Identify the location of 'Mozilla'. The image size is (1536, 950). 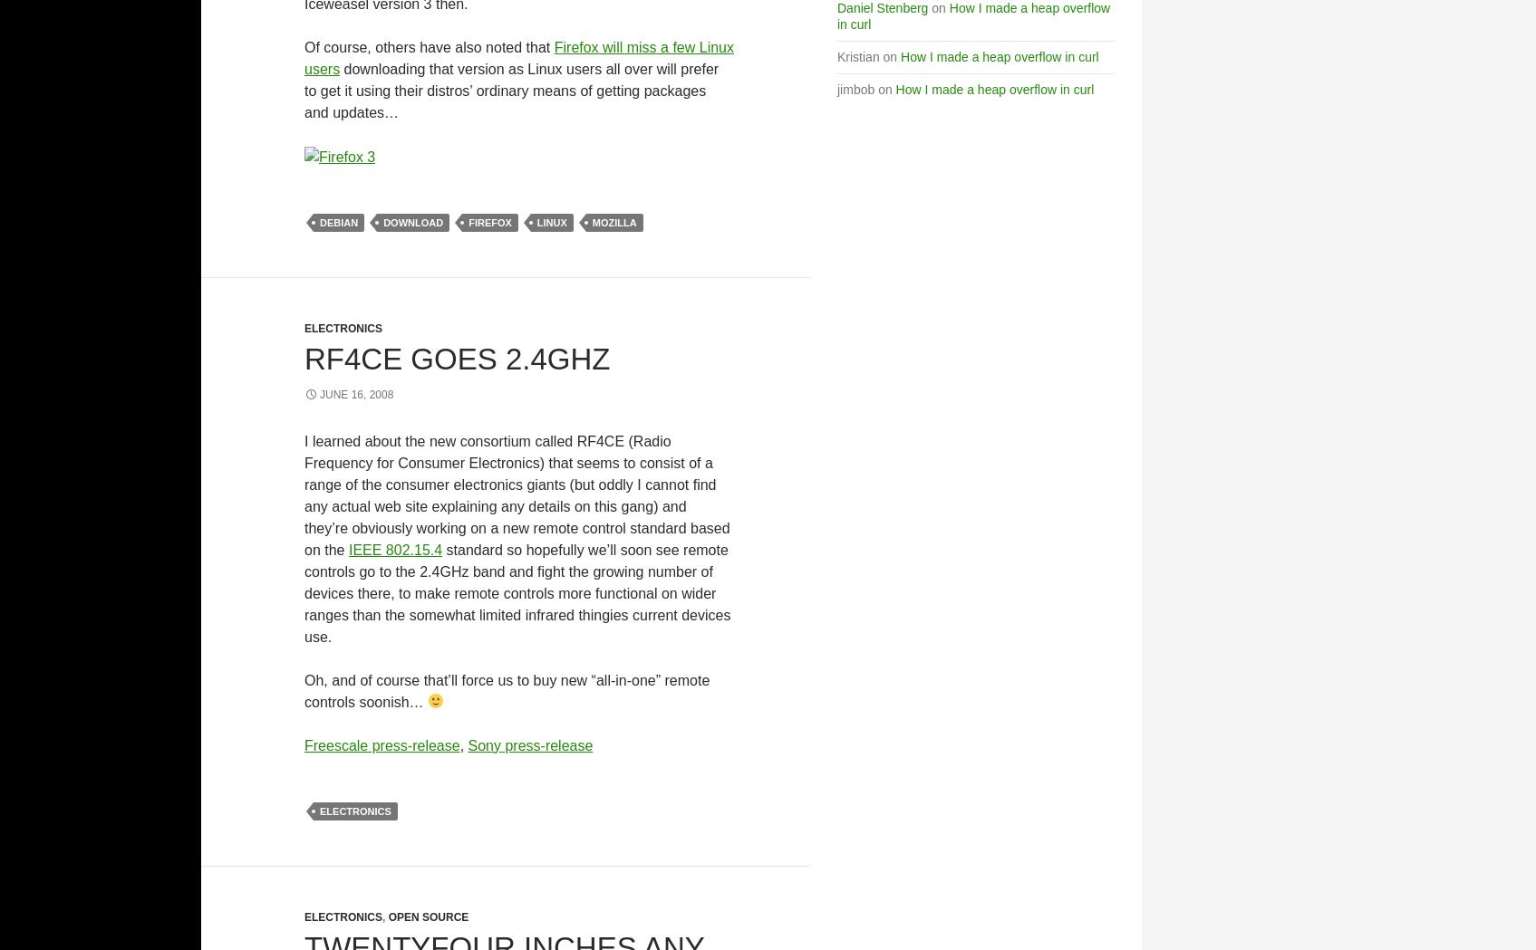
(613, 221).